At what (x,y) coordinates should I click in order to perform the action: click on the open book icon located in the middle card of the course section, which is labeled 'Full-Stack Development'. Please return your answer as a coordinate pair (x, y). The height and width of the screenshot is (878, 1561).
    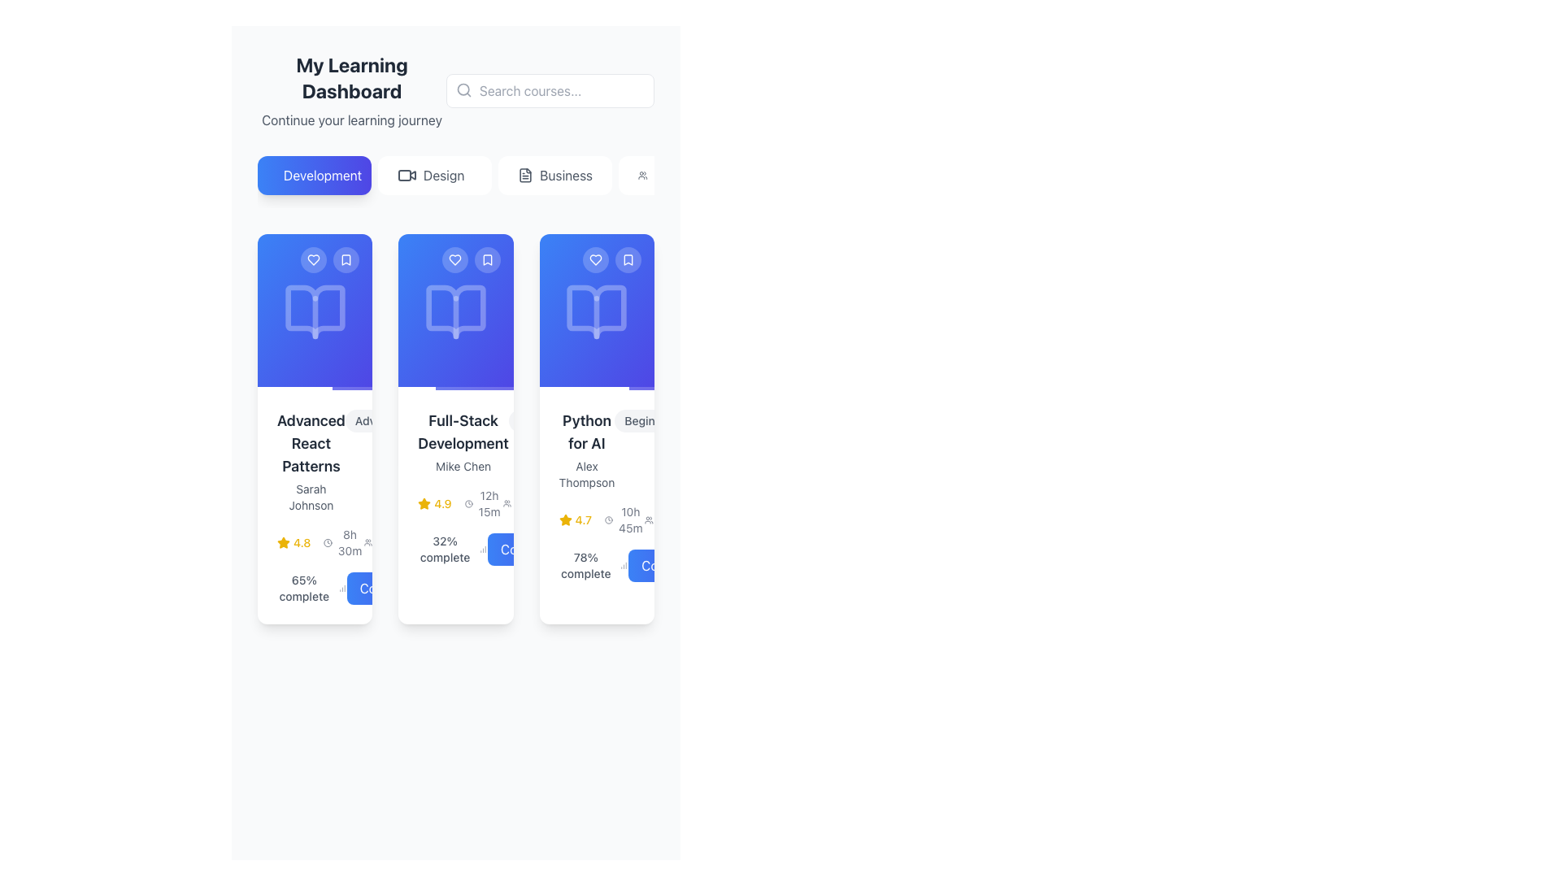
    Looking at the image, I should click on (455, 312).